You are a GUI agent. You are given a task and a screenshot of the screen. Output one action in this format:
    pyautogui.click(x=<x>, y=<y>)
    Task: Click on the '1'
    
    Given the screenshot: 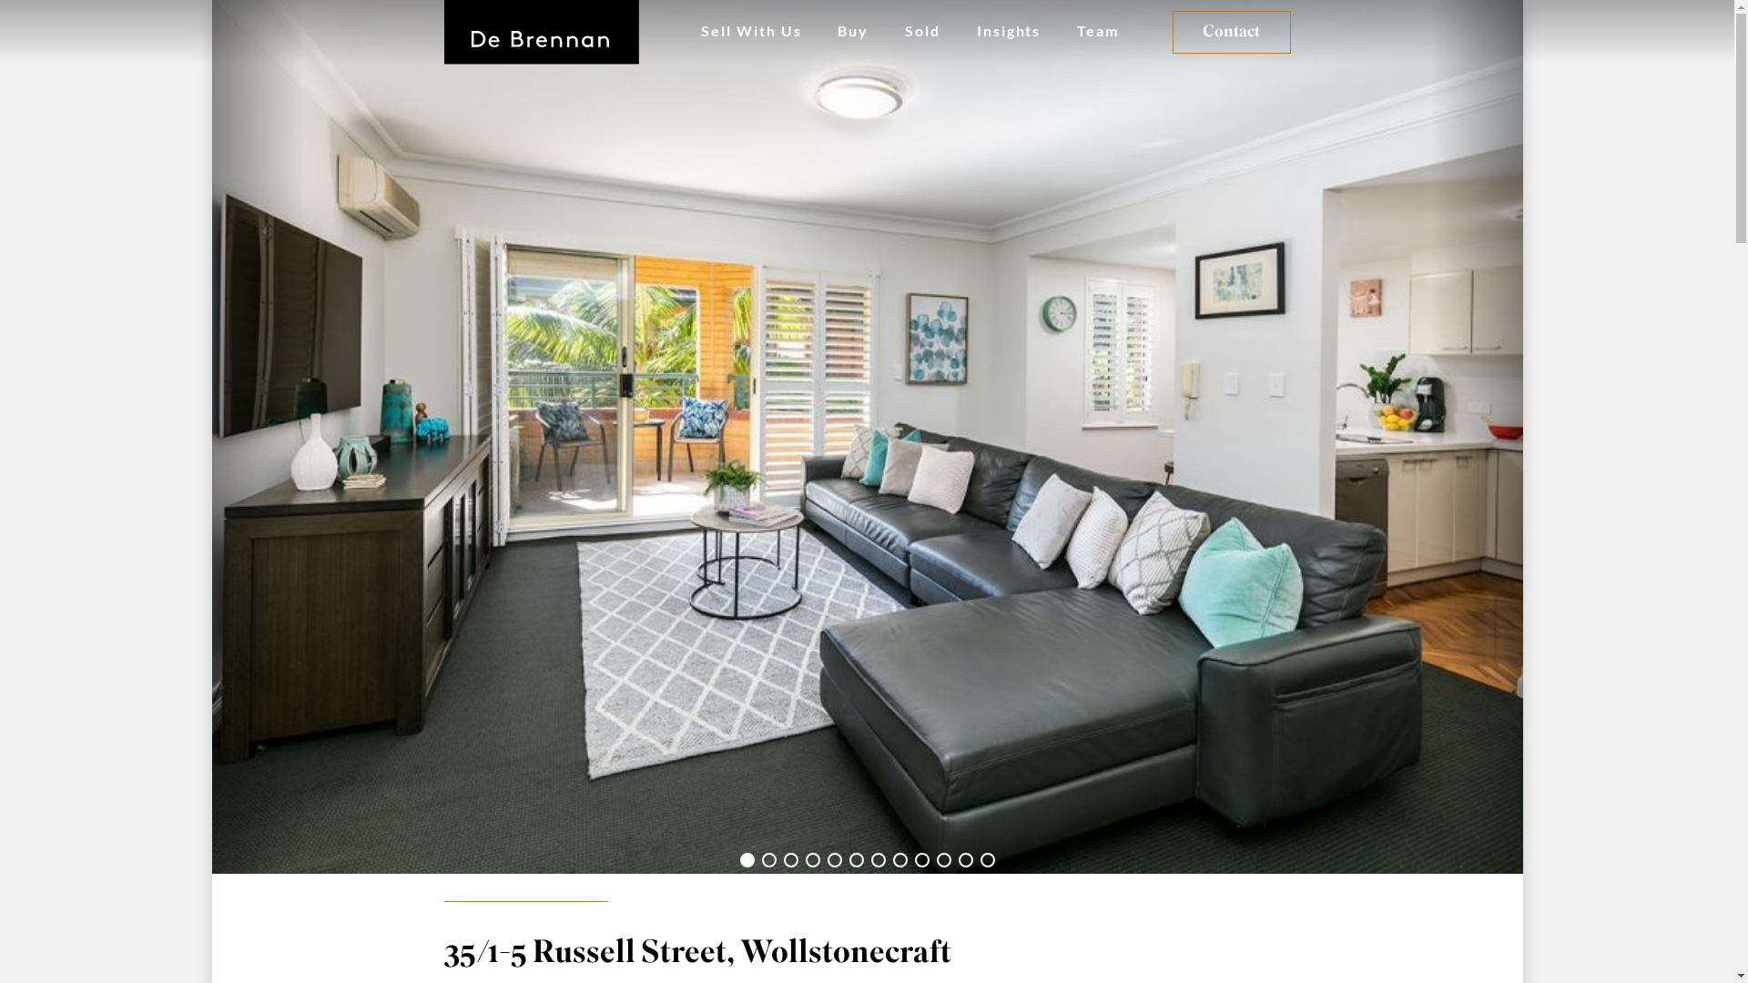 What is the action you would take?
    pyautogui.click(x=747, y=860)
    